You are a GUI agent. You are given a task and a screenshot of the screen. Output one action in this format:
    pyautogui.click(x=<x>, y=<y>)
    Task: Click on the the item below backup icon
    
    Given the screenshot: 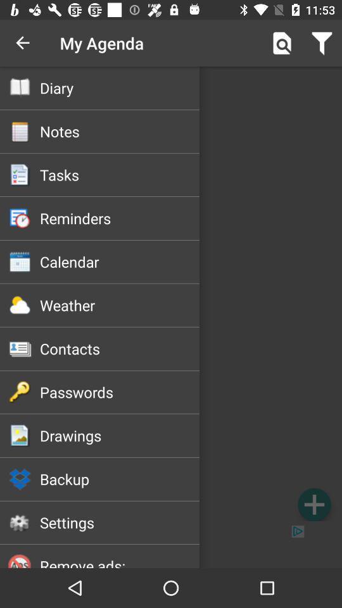 What is the action you would take?
    pyautogui.click(x=120, y=522)
    